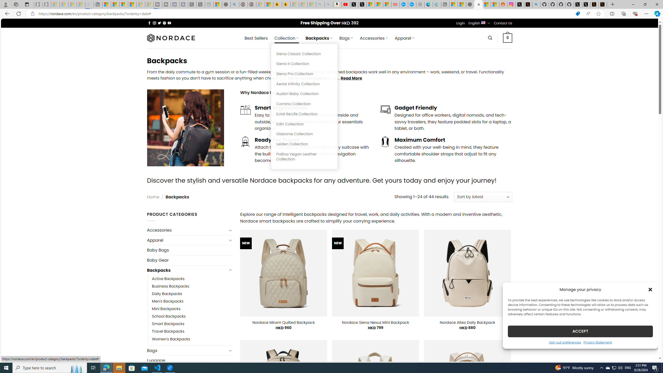  Describe the element at coordinates (141, 4) in the screenshot. I see `'Microsoft Start - Sleeping'` at that location.